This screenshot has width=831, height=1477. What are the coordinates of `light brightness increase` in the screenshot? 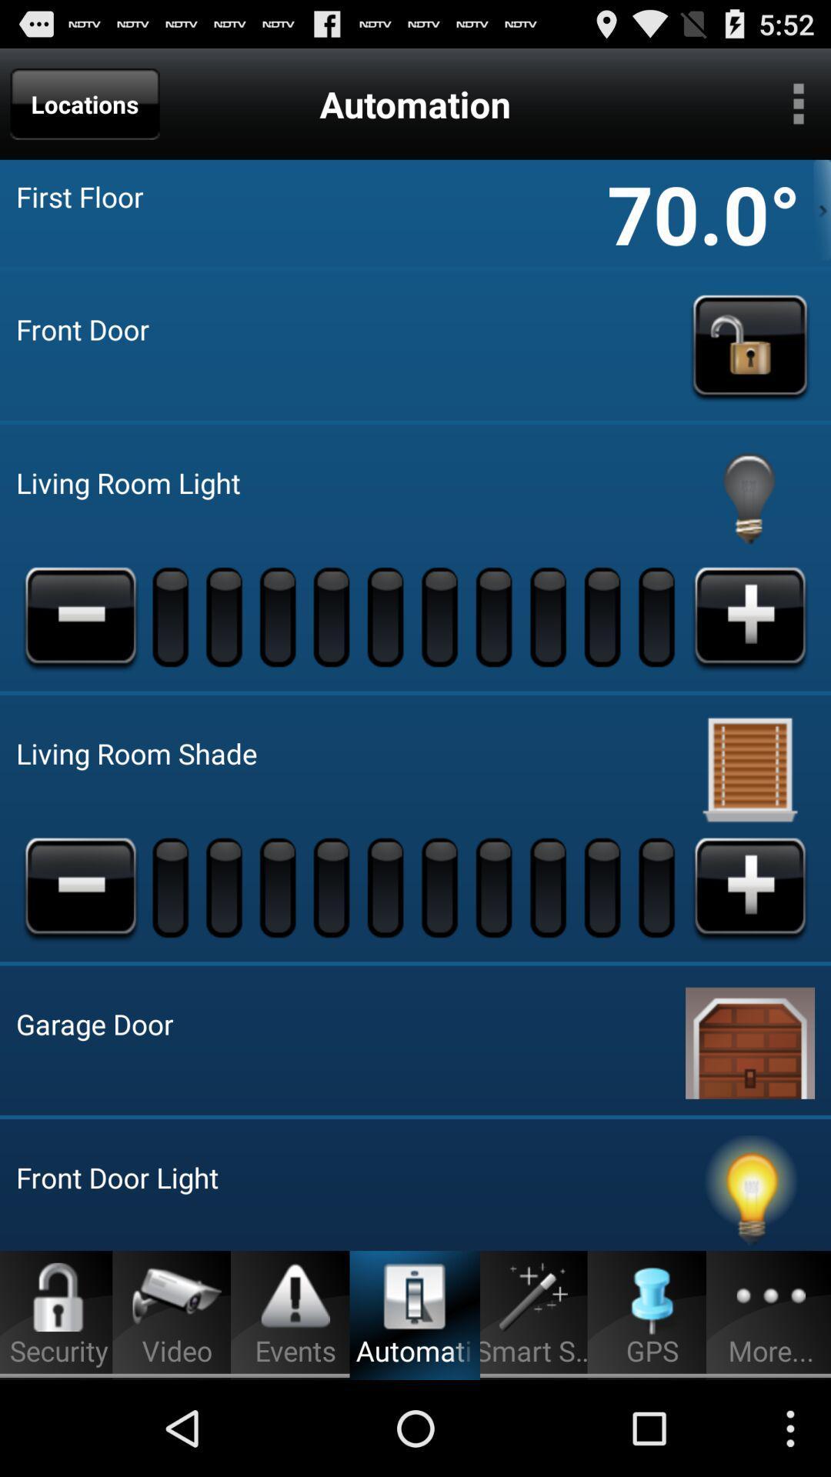 It's located at (749, 616).